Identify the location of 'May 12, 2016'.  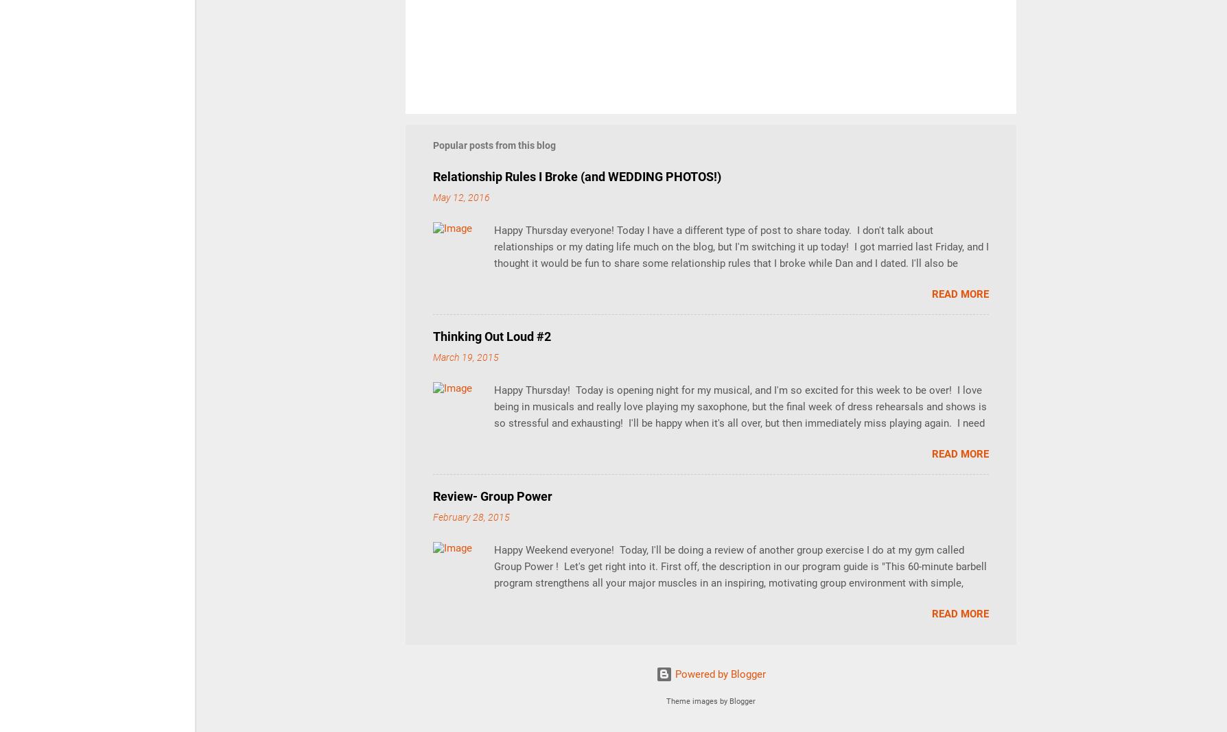
(460, 197).